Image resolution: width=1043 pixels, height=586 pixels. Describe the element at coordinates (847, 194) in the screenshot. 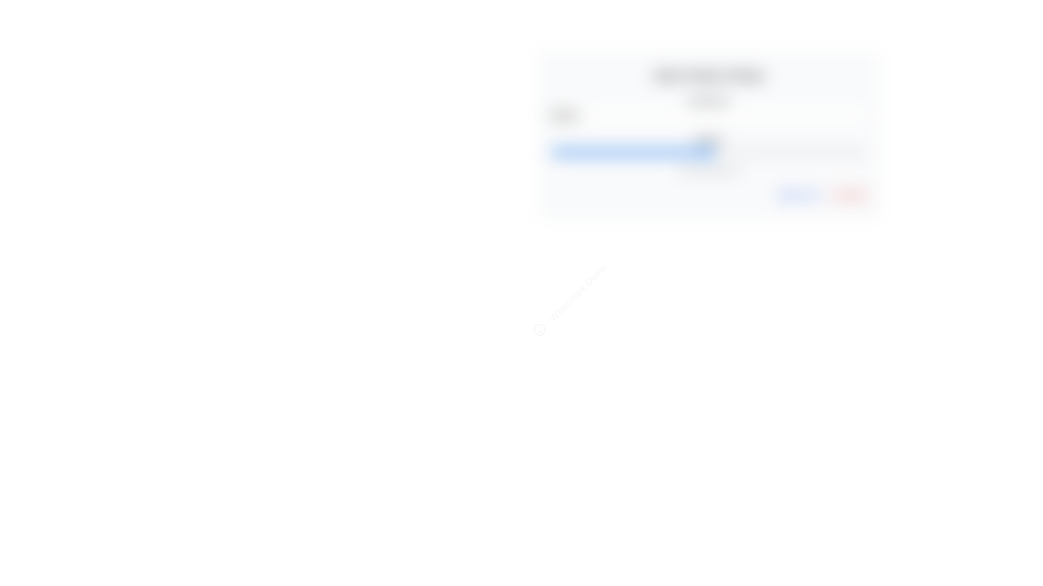

I see `the cancel button, which is the second button from the right in a horizontal row of controls, following a blue-colored button labeled 'Confirm'` at that location.